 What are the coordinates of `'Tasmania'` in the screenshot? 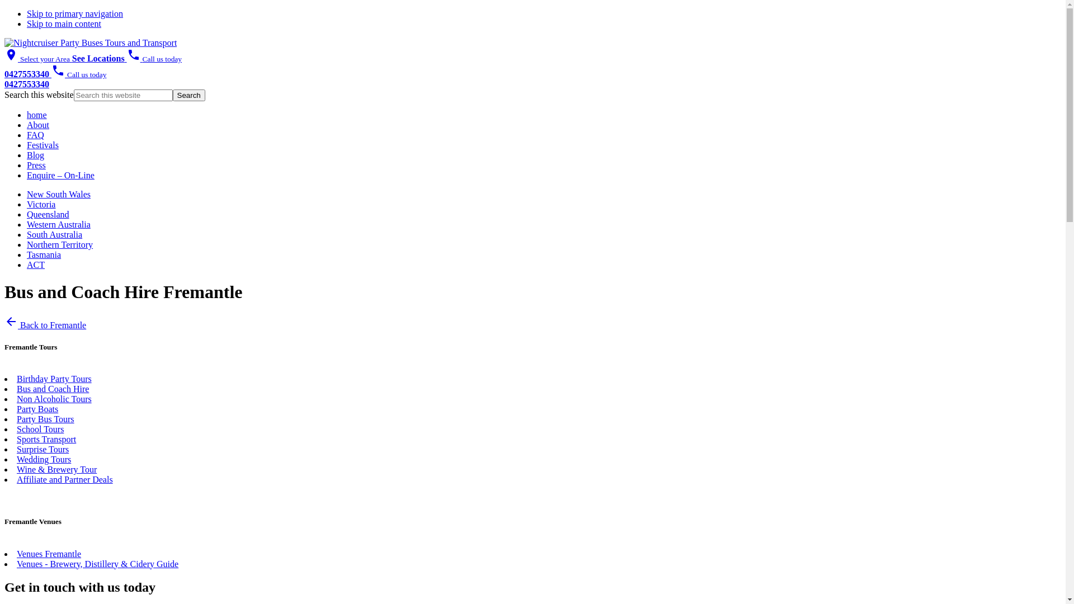 It's located at (44, 254).